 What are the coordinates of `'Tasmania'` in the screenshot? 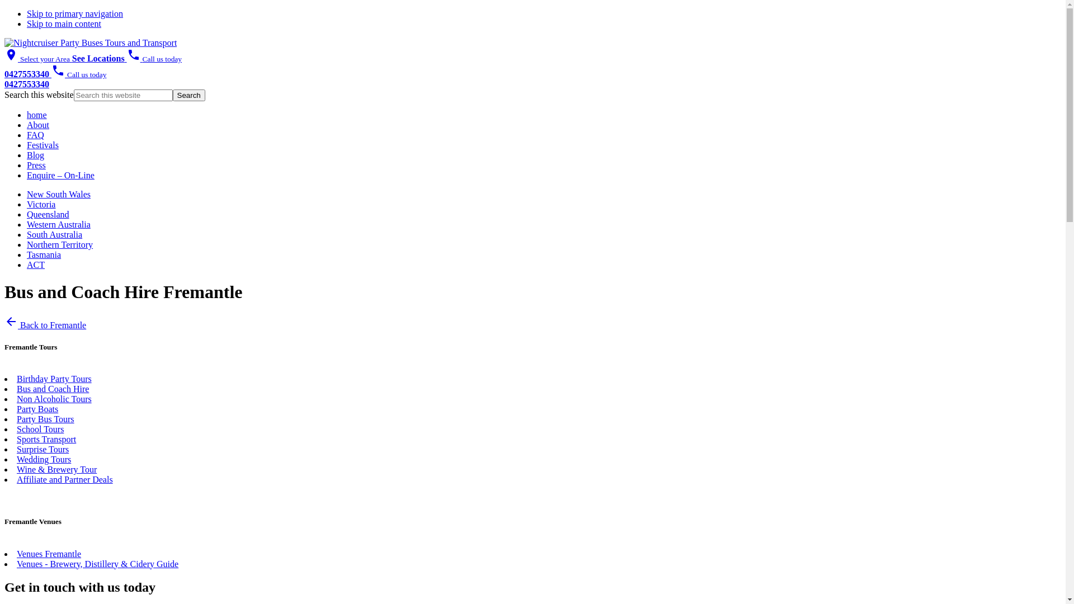 It's located at (44, 254).